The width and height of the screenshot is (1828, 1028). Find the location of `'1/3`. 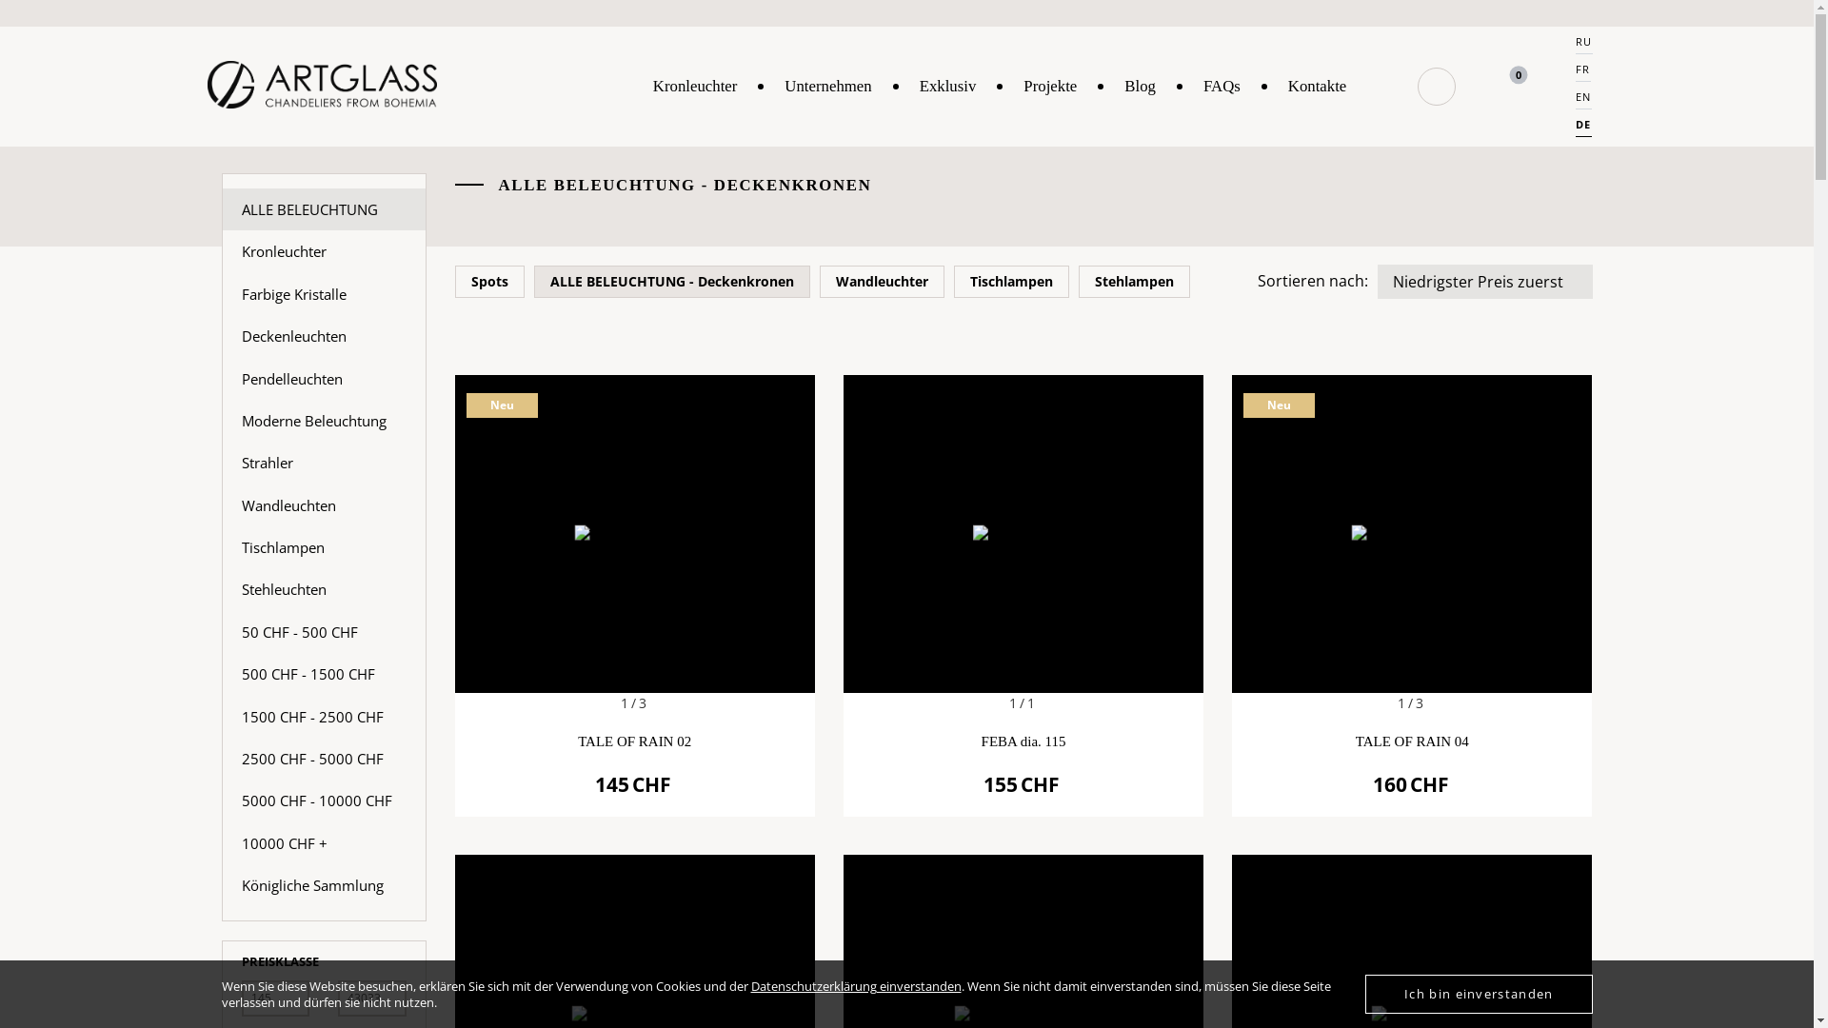

'1/3 is located at coordinates (635, 595).